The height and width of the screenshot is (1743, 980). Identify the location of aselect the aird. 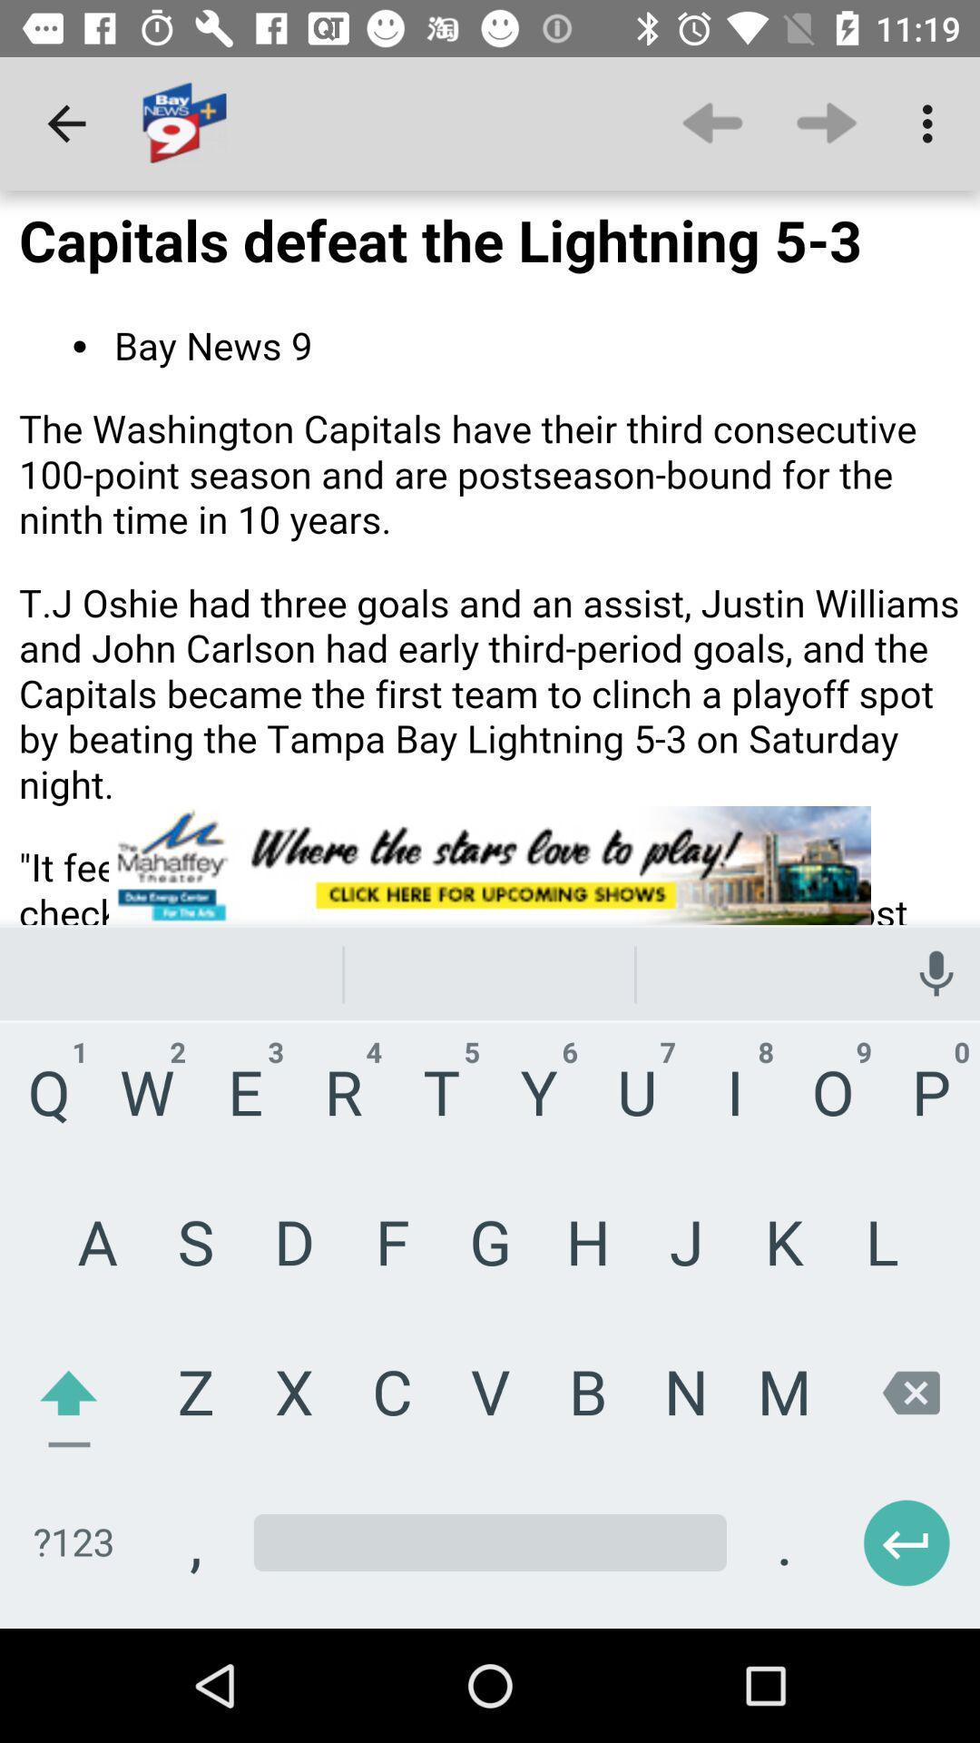
(490, 910).